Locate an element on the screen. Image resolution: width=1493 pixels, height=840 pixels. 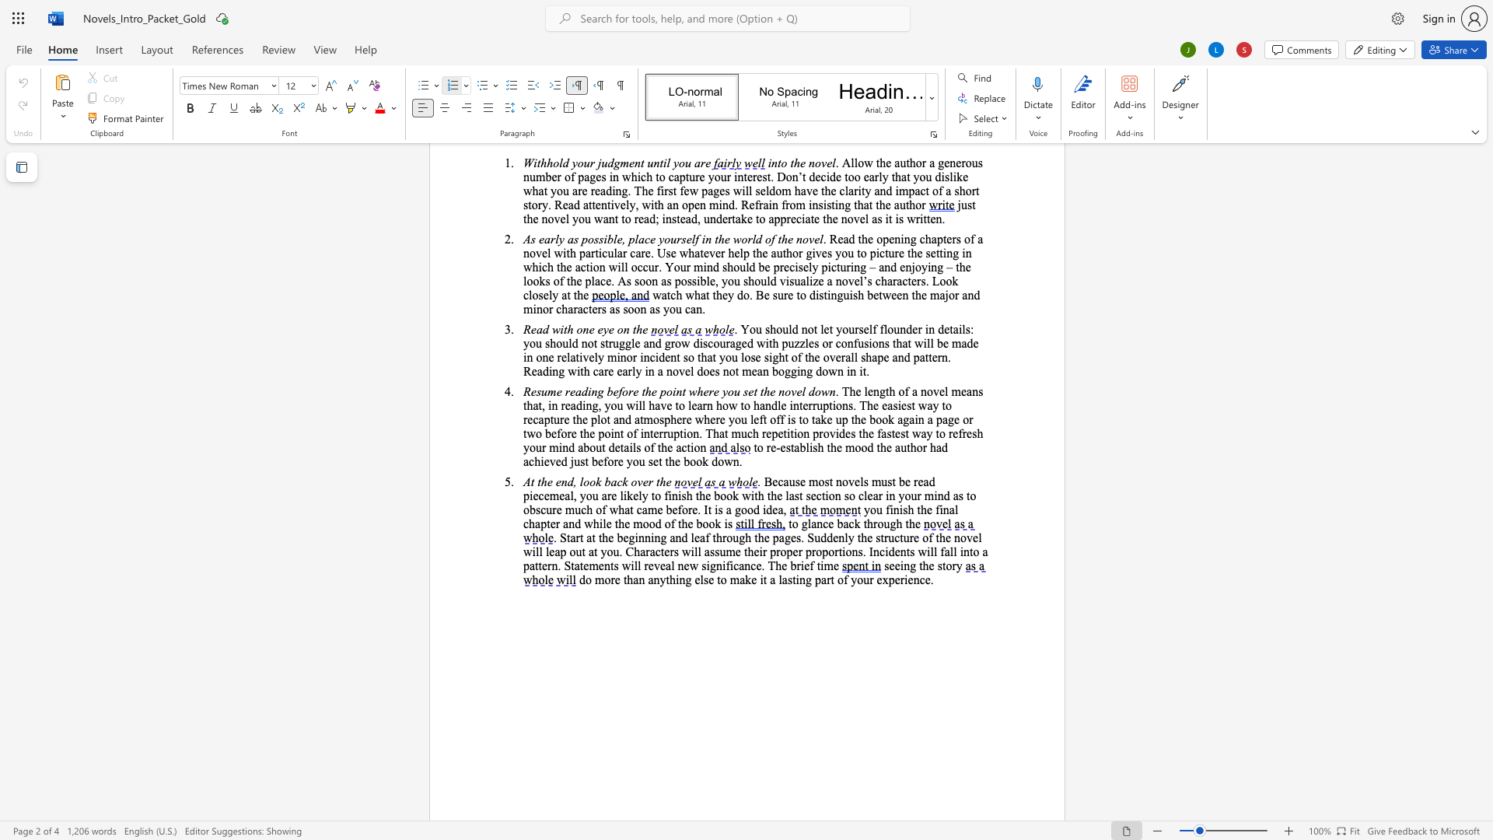
the 3th character "t" in the text is located at coordinates (907, 523).